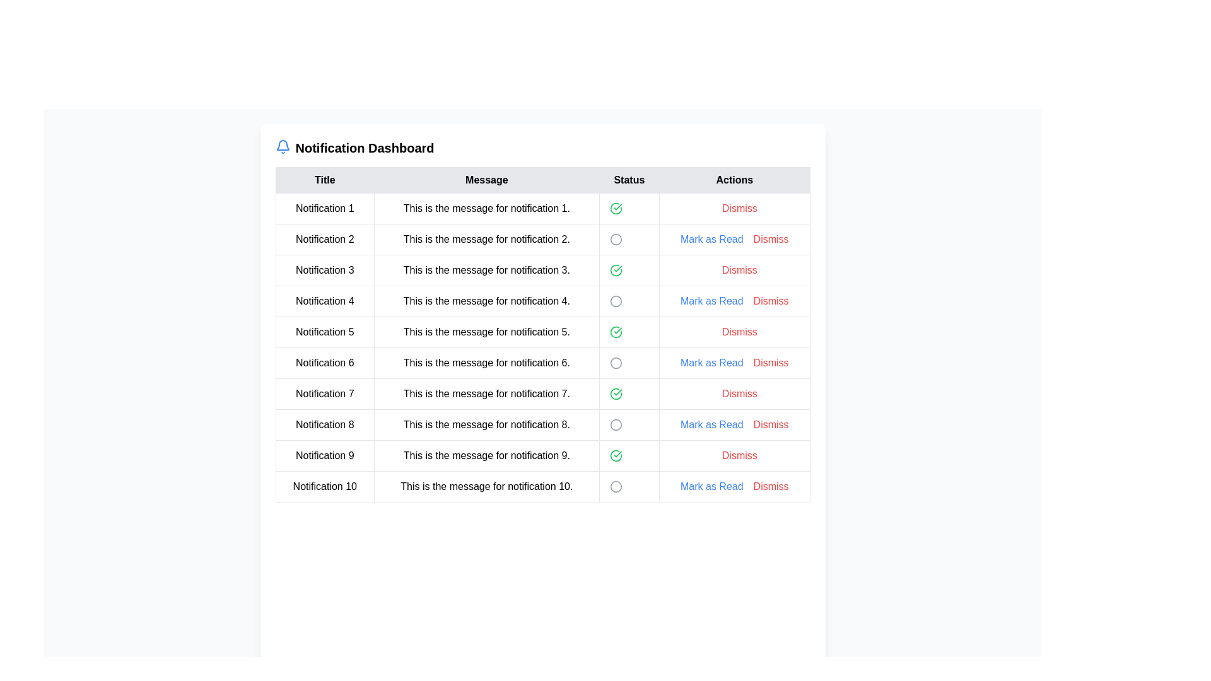  What do you see at coordinates (325, 455) in the screenshot?
I see `the Label element that displays the title of the specific notification in the ninth row of the notification details list` at bounding box center [325, 455].